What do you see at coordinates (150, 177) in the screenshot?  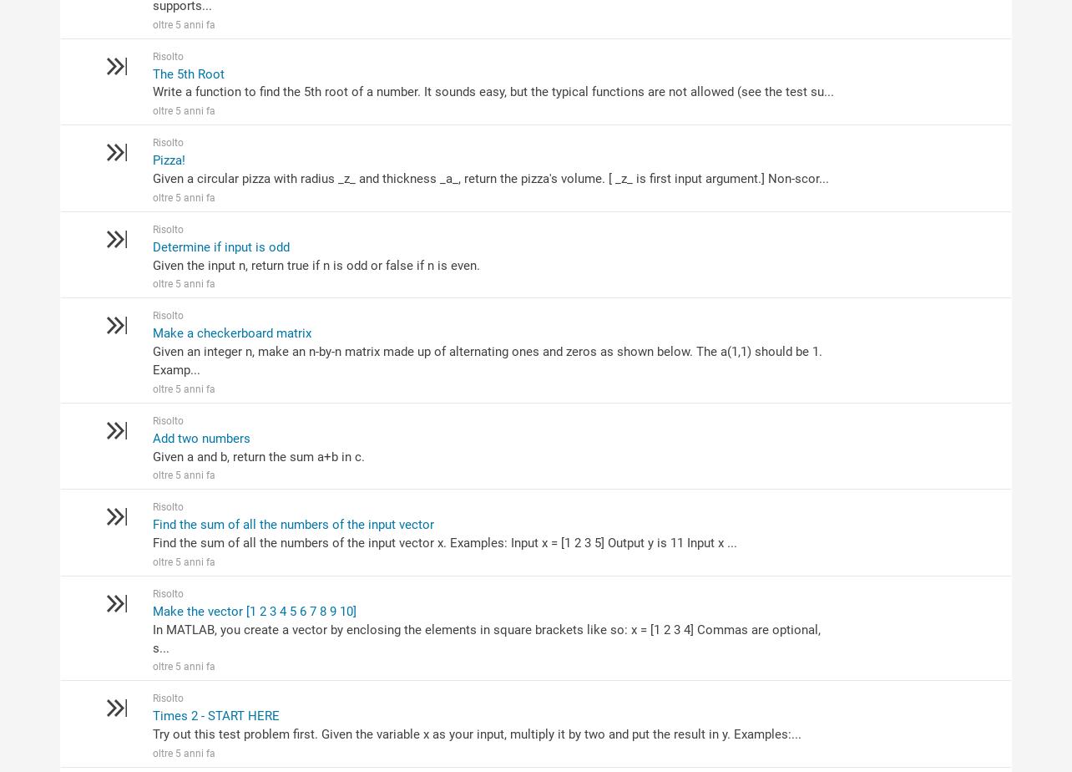 I see `'Given a circular pizza with radius _z_ and thickness _a_, return the pizza's volume. [ _z_ is first input argument.]

Non-scor...'` at bounding box center [150, 177].